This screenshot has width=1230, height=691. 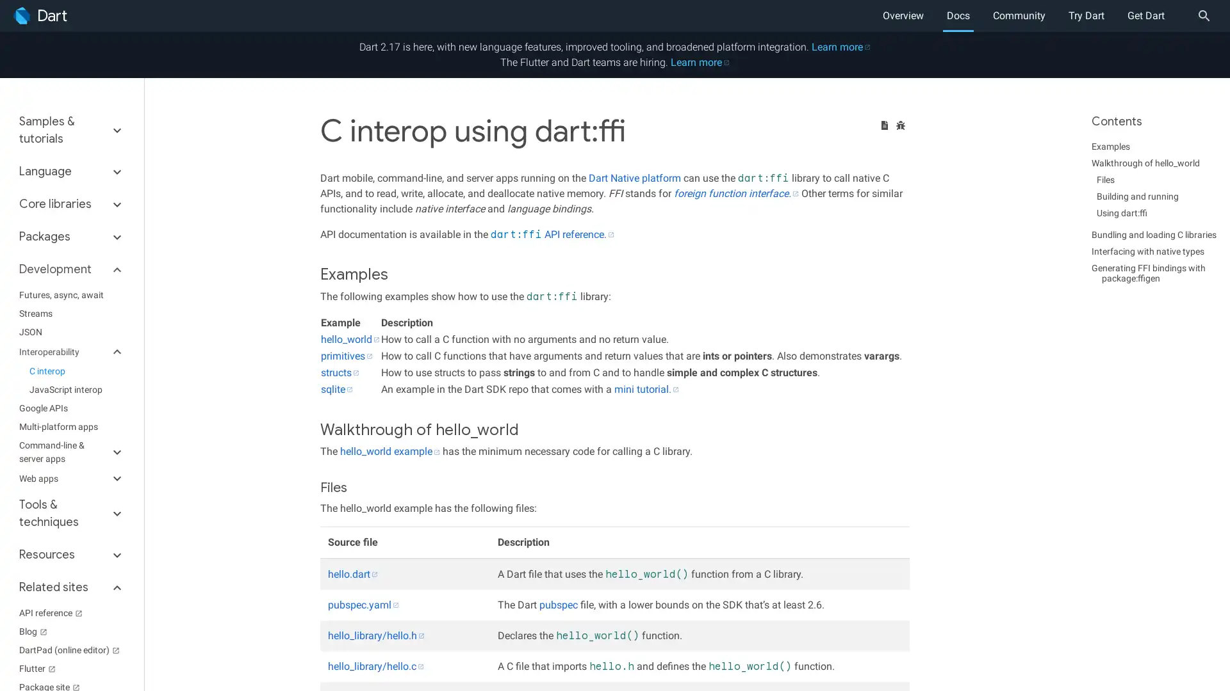 I want to click on Tools & techniques keyboard_arrow_down, so click(x=71, y=512).